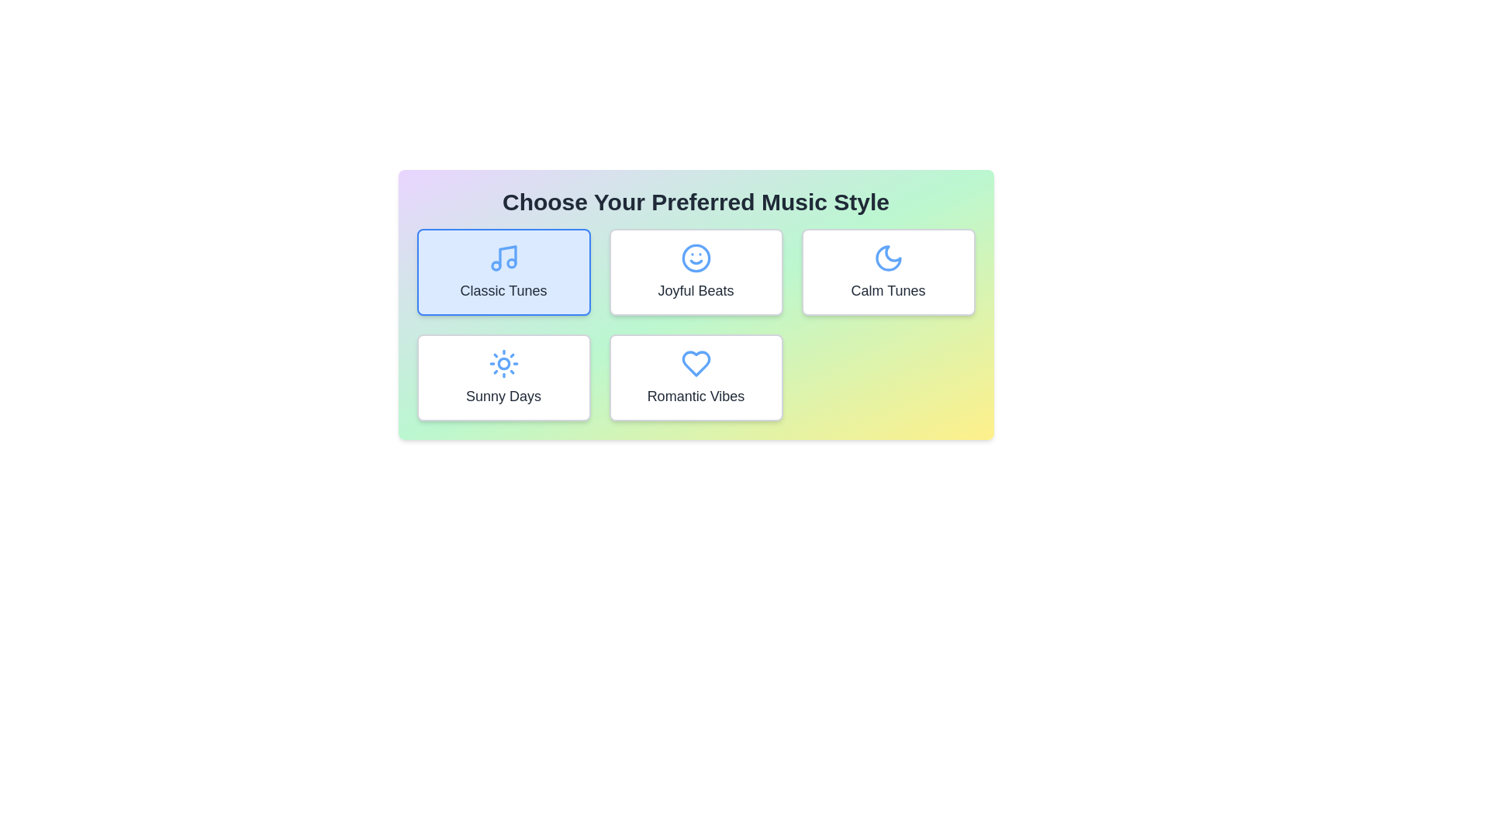  I want to click on the text label reading 'Sunny Days', which is styled in medium-size gray font and located beneath the sun icon in the 'Sunny Days' card, so click(503, 395).